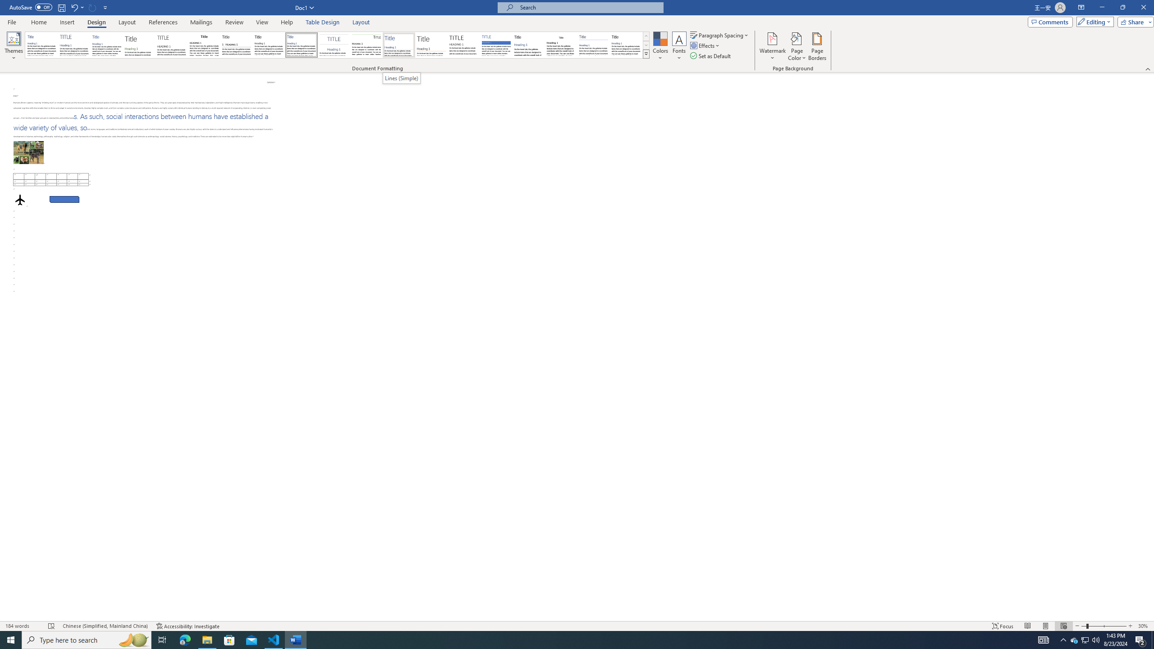  What do you see at coordinates (13, 46) in the screenshot?
I see `'Themes'` at bounding box center [13, 46].